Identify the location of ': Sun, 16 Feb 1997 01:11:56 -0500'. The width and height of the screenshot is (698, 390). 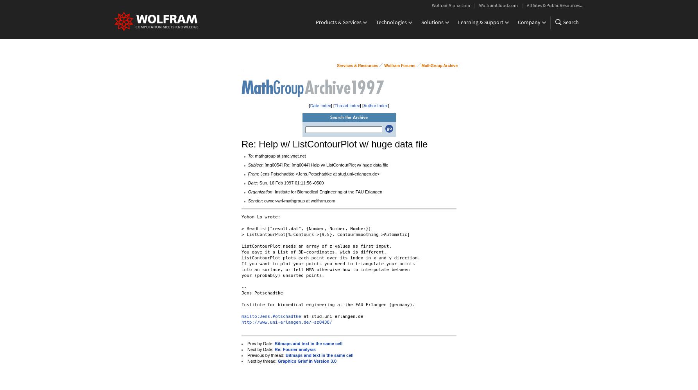
(257, 183).